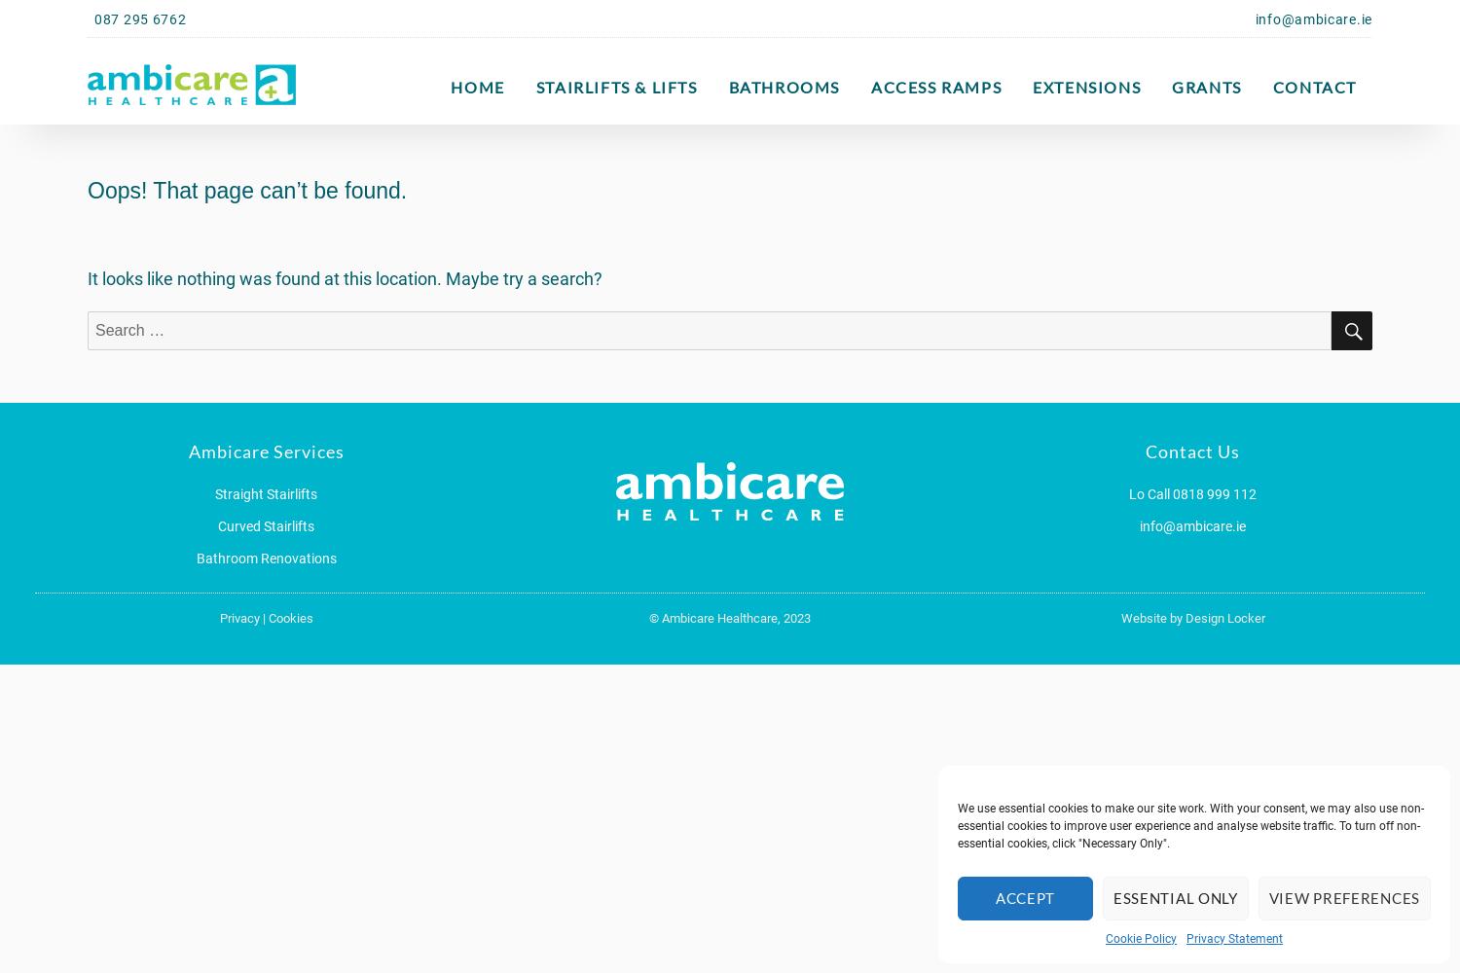 The width and height of the screenshot is (1460, 973). Describe the element at coordinates (476, 86) in the screenshot. I see `'Home'` at that location.